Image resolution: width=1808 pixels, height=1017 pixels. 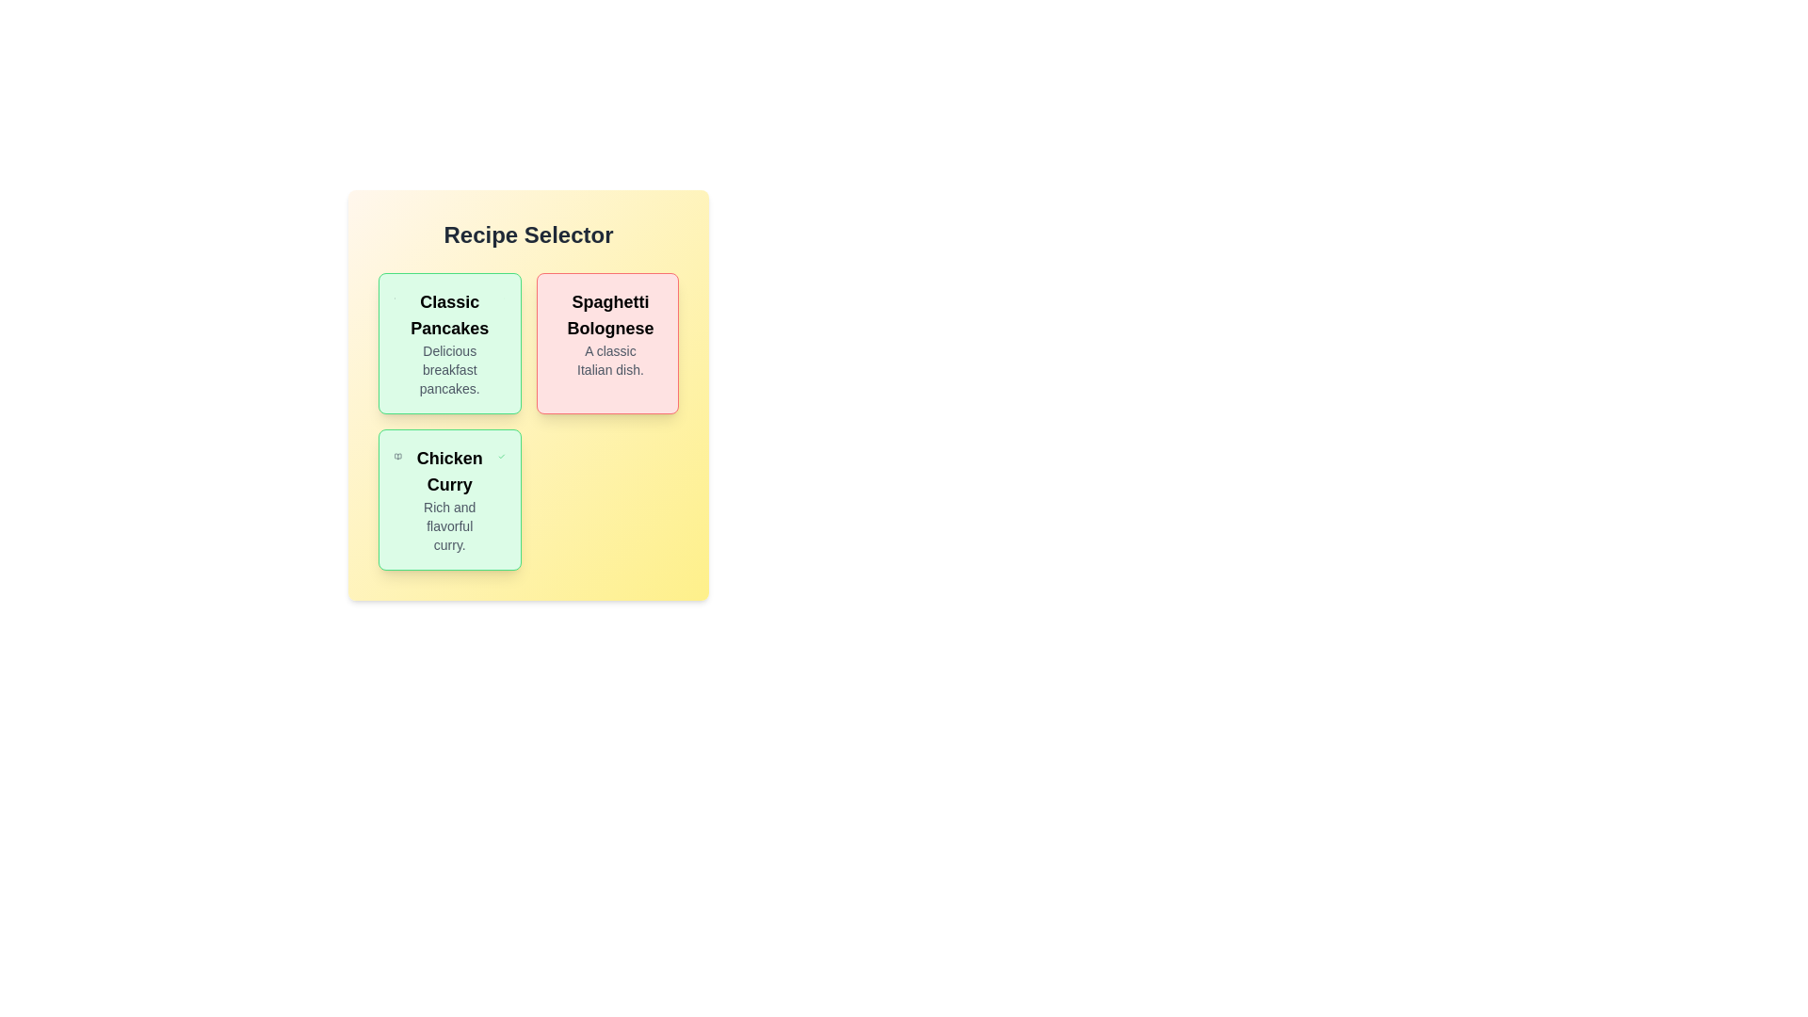 What do you see at coordinates (448, 499) in the screenshot?
I see `the recipe Chicken Curry` at bounding box center [448, 499].